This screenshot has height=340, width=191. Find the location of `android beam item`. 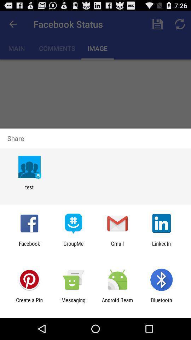

android beam item is located at coordinates (117, 303).